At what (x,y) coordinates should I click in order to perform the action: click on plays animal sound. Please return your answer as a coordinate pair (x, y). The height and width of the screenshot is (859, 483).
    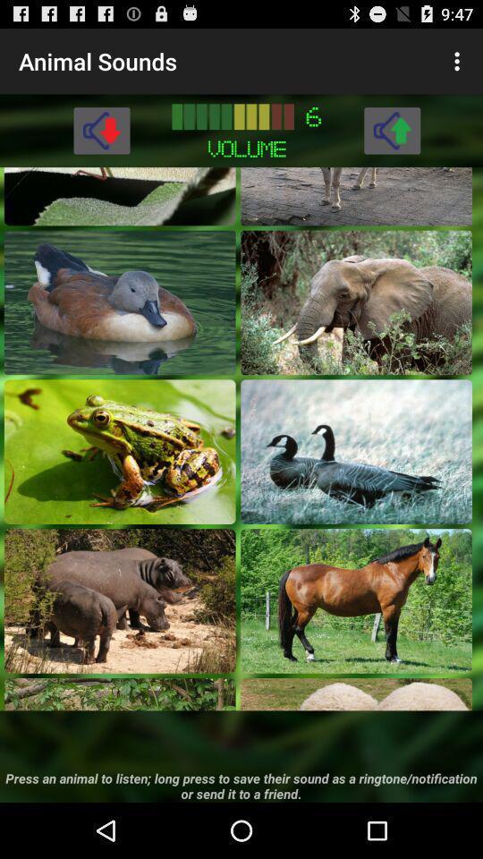
    Looking at the image, I should click on (120, 693).